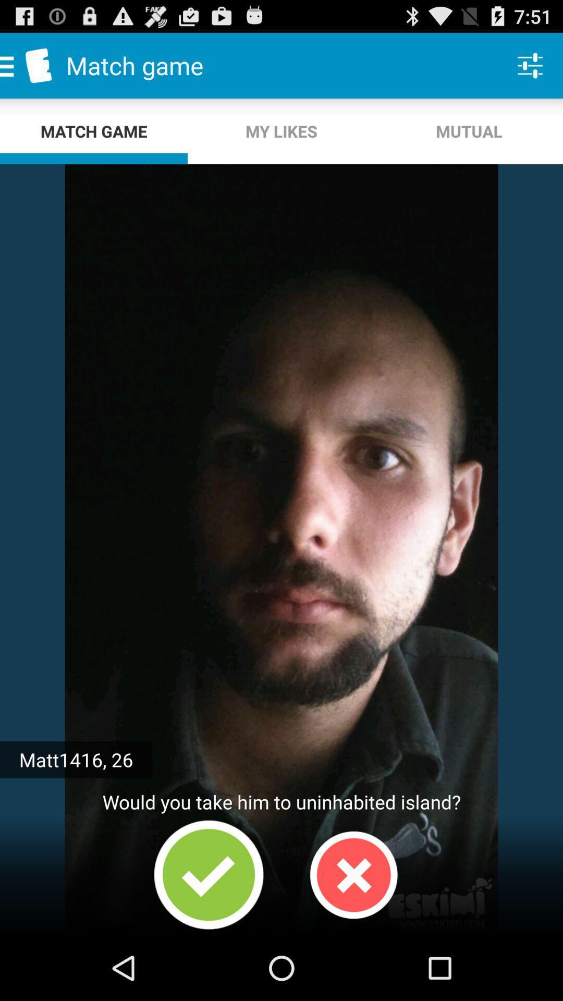 This screenshot has width=563, height=1001. I want to click on decline the question, so click(353, 875).